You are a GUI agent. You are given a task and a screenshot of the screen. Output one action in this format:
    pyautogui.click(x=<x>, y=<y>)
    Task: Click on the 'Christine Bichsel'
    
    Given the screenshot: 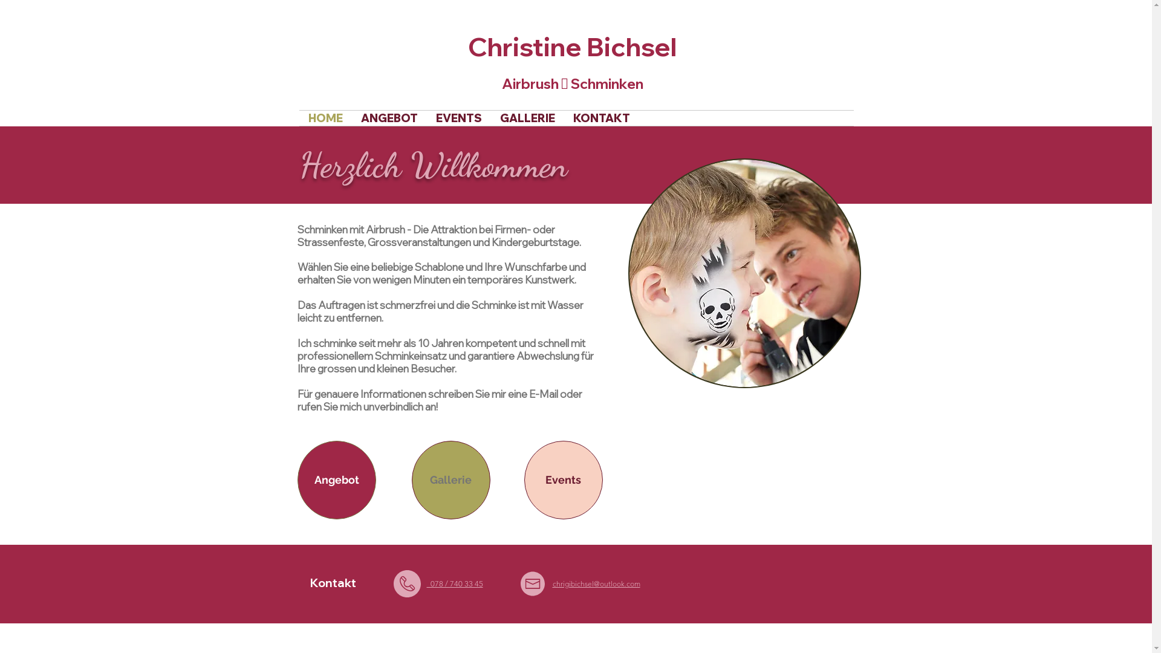 What is the action you would take?
    pyautogui.click(x=571, y=46)
    